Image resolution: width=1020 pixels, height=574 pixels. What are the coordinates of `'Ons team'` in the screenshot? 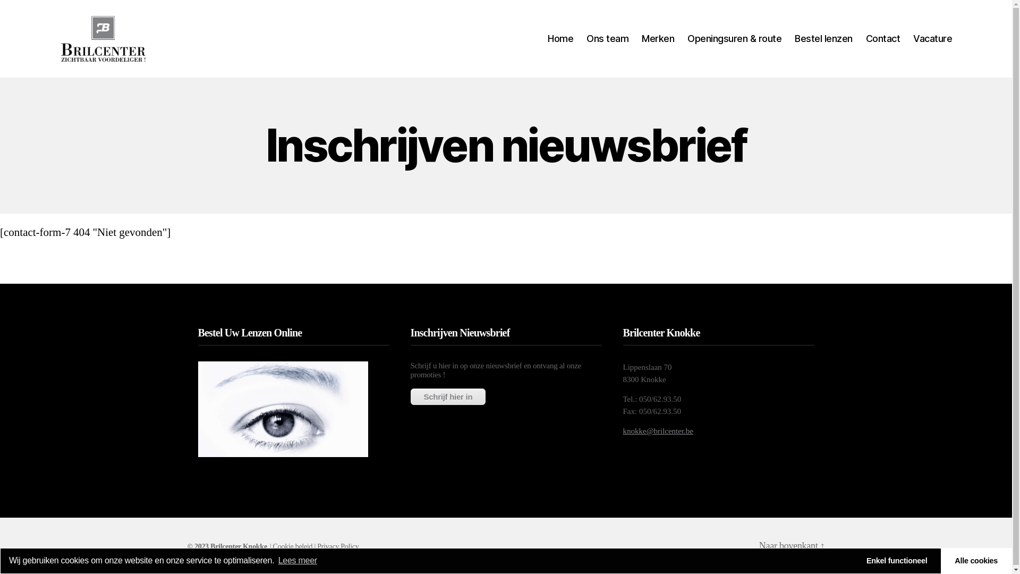 It's located at (607, 38).